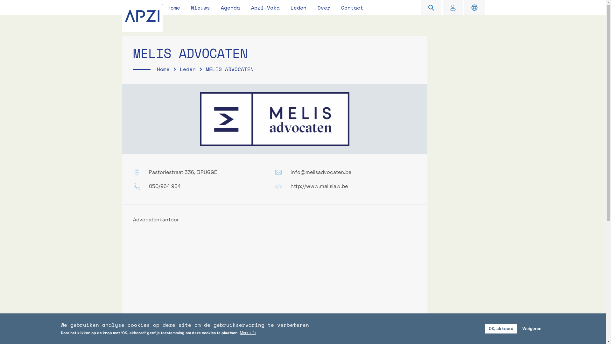  What do you see at coordinates (41, 0) in the screenshot?
I see `'Overslaan en naar de inhoud gaan'` at bounding box center [41, 0].